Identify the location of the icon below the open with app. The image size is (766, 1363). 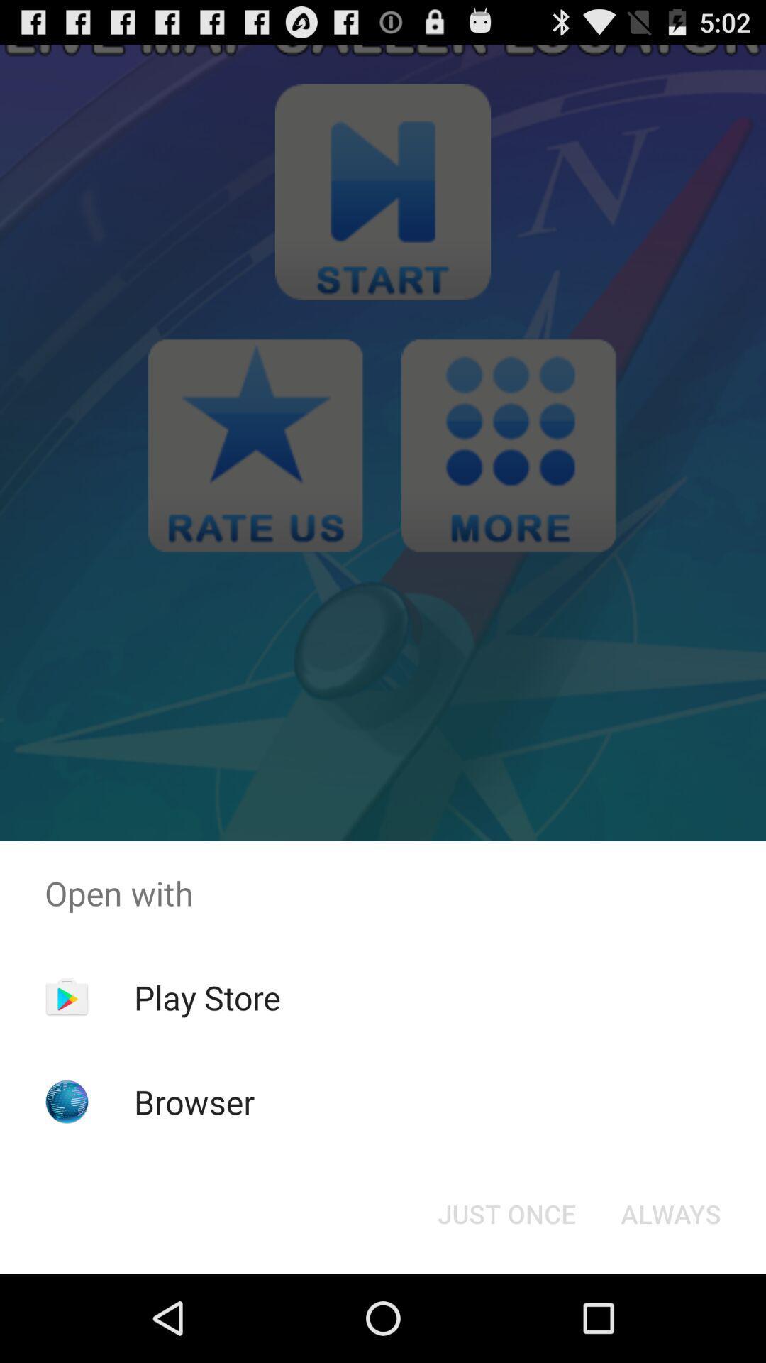
(207, 997).